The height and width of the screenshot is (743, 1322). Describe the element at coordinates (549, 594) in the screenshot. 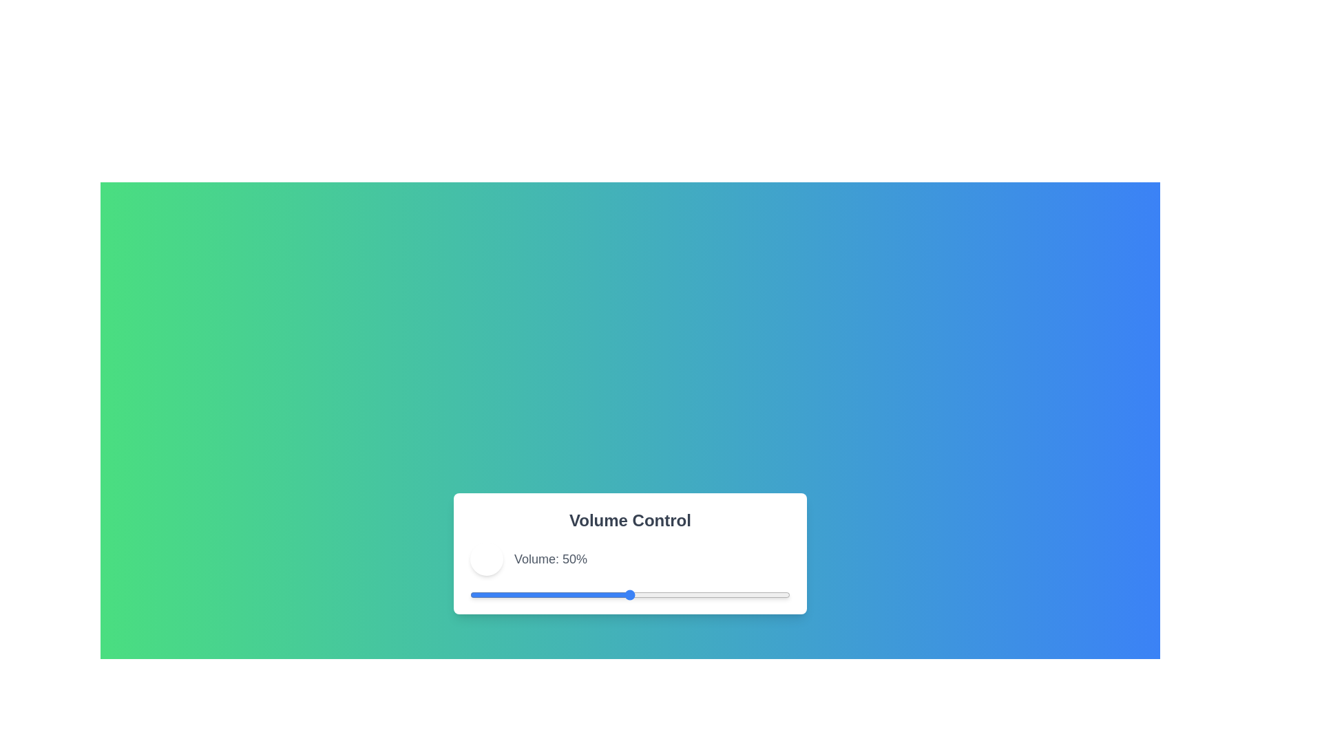

I see `the slider` at that location.